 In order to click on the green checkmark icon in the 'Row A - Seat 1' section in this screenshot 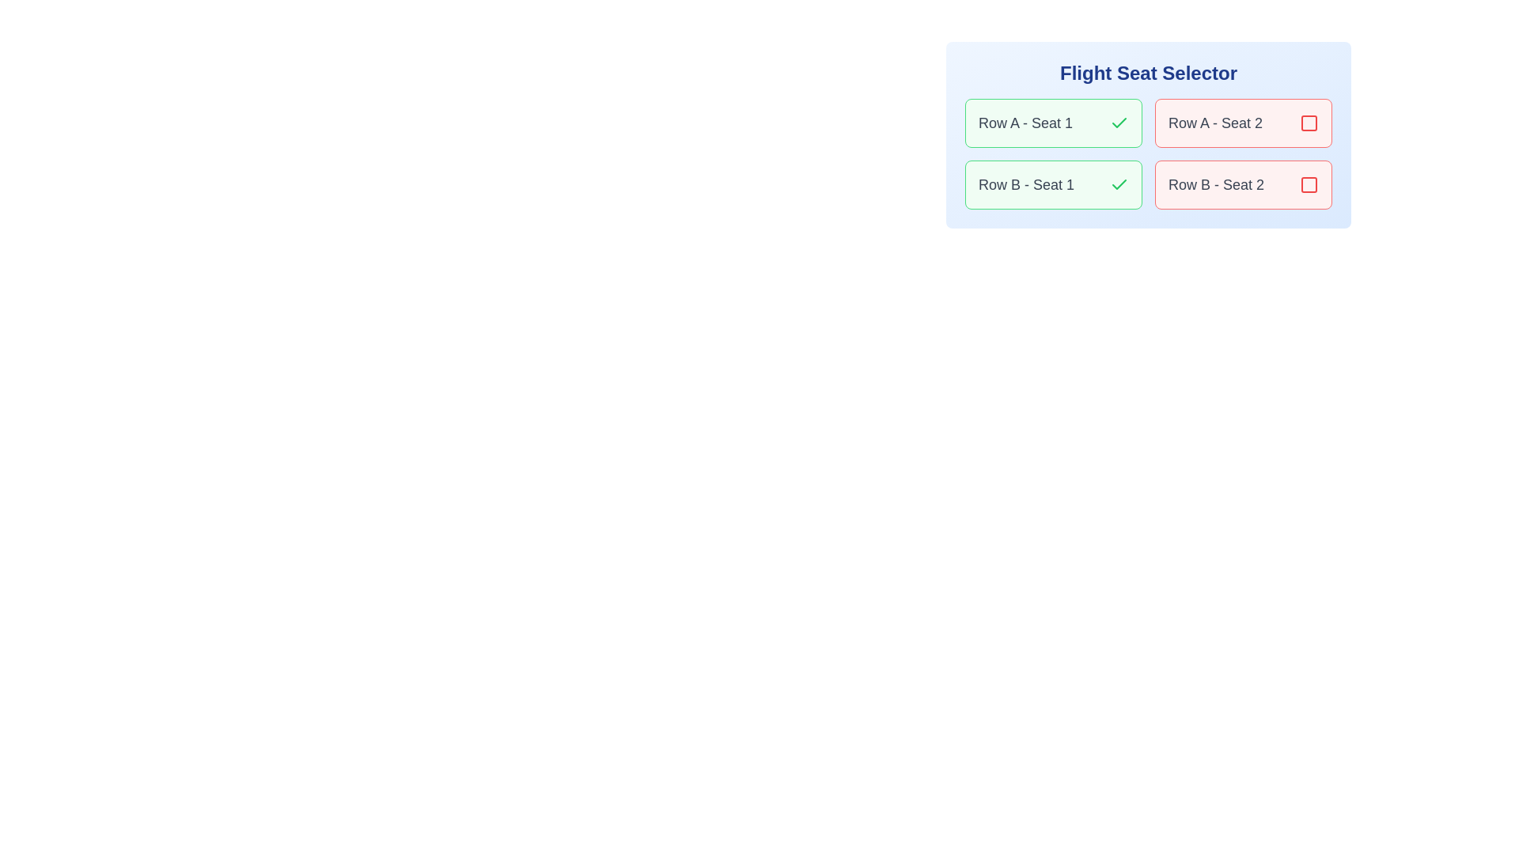, I will do `click(1119, 122)`.